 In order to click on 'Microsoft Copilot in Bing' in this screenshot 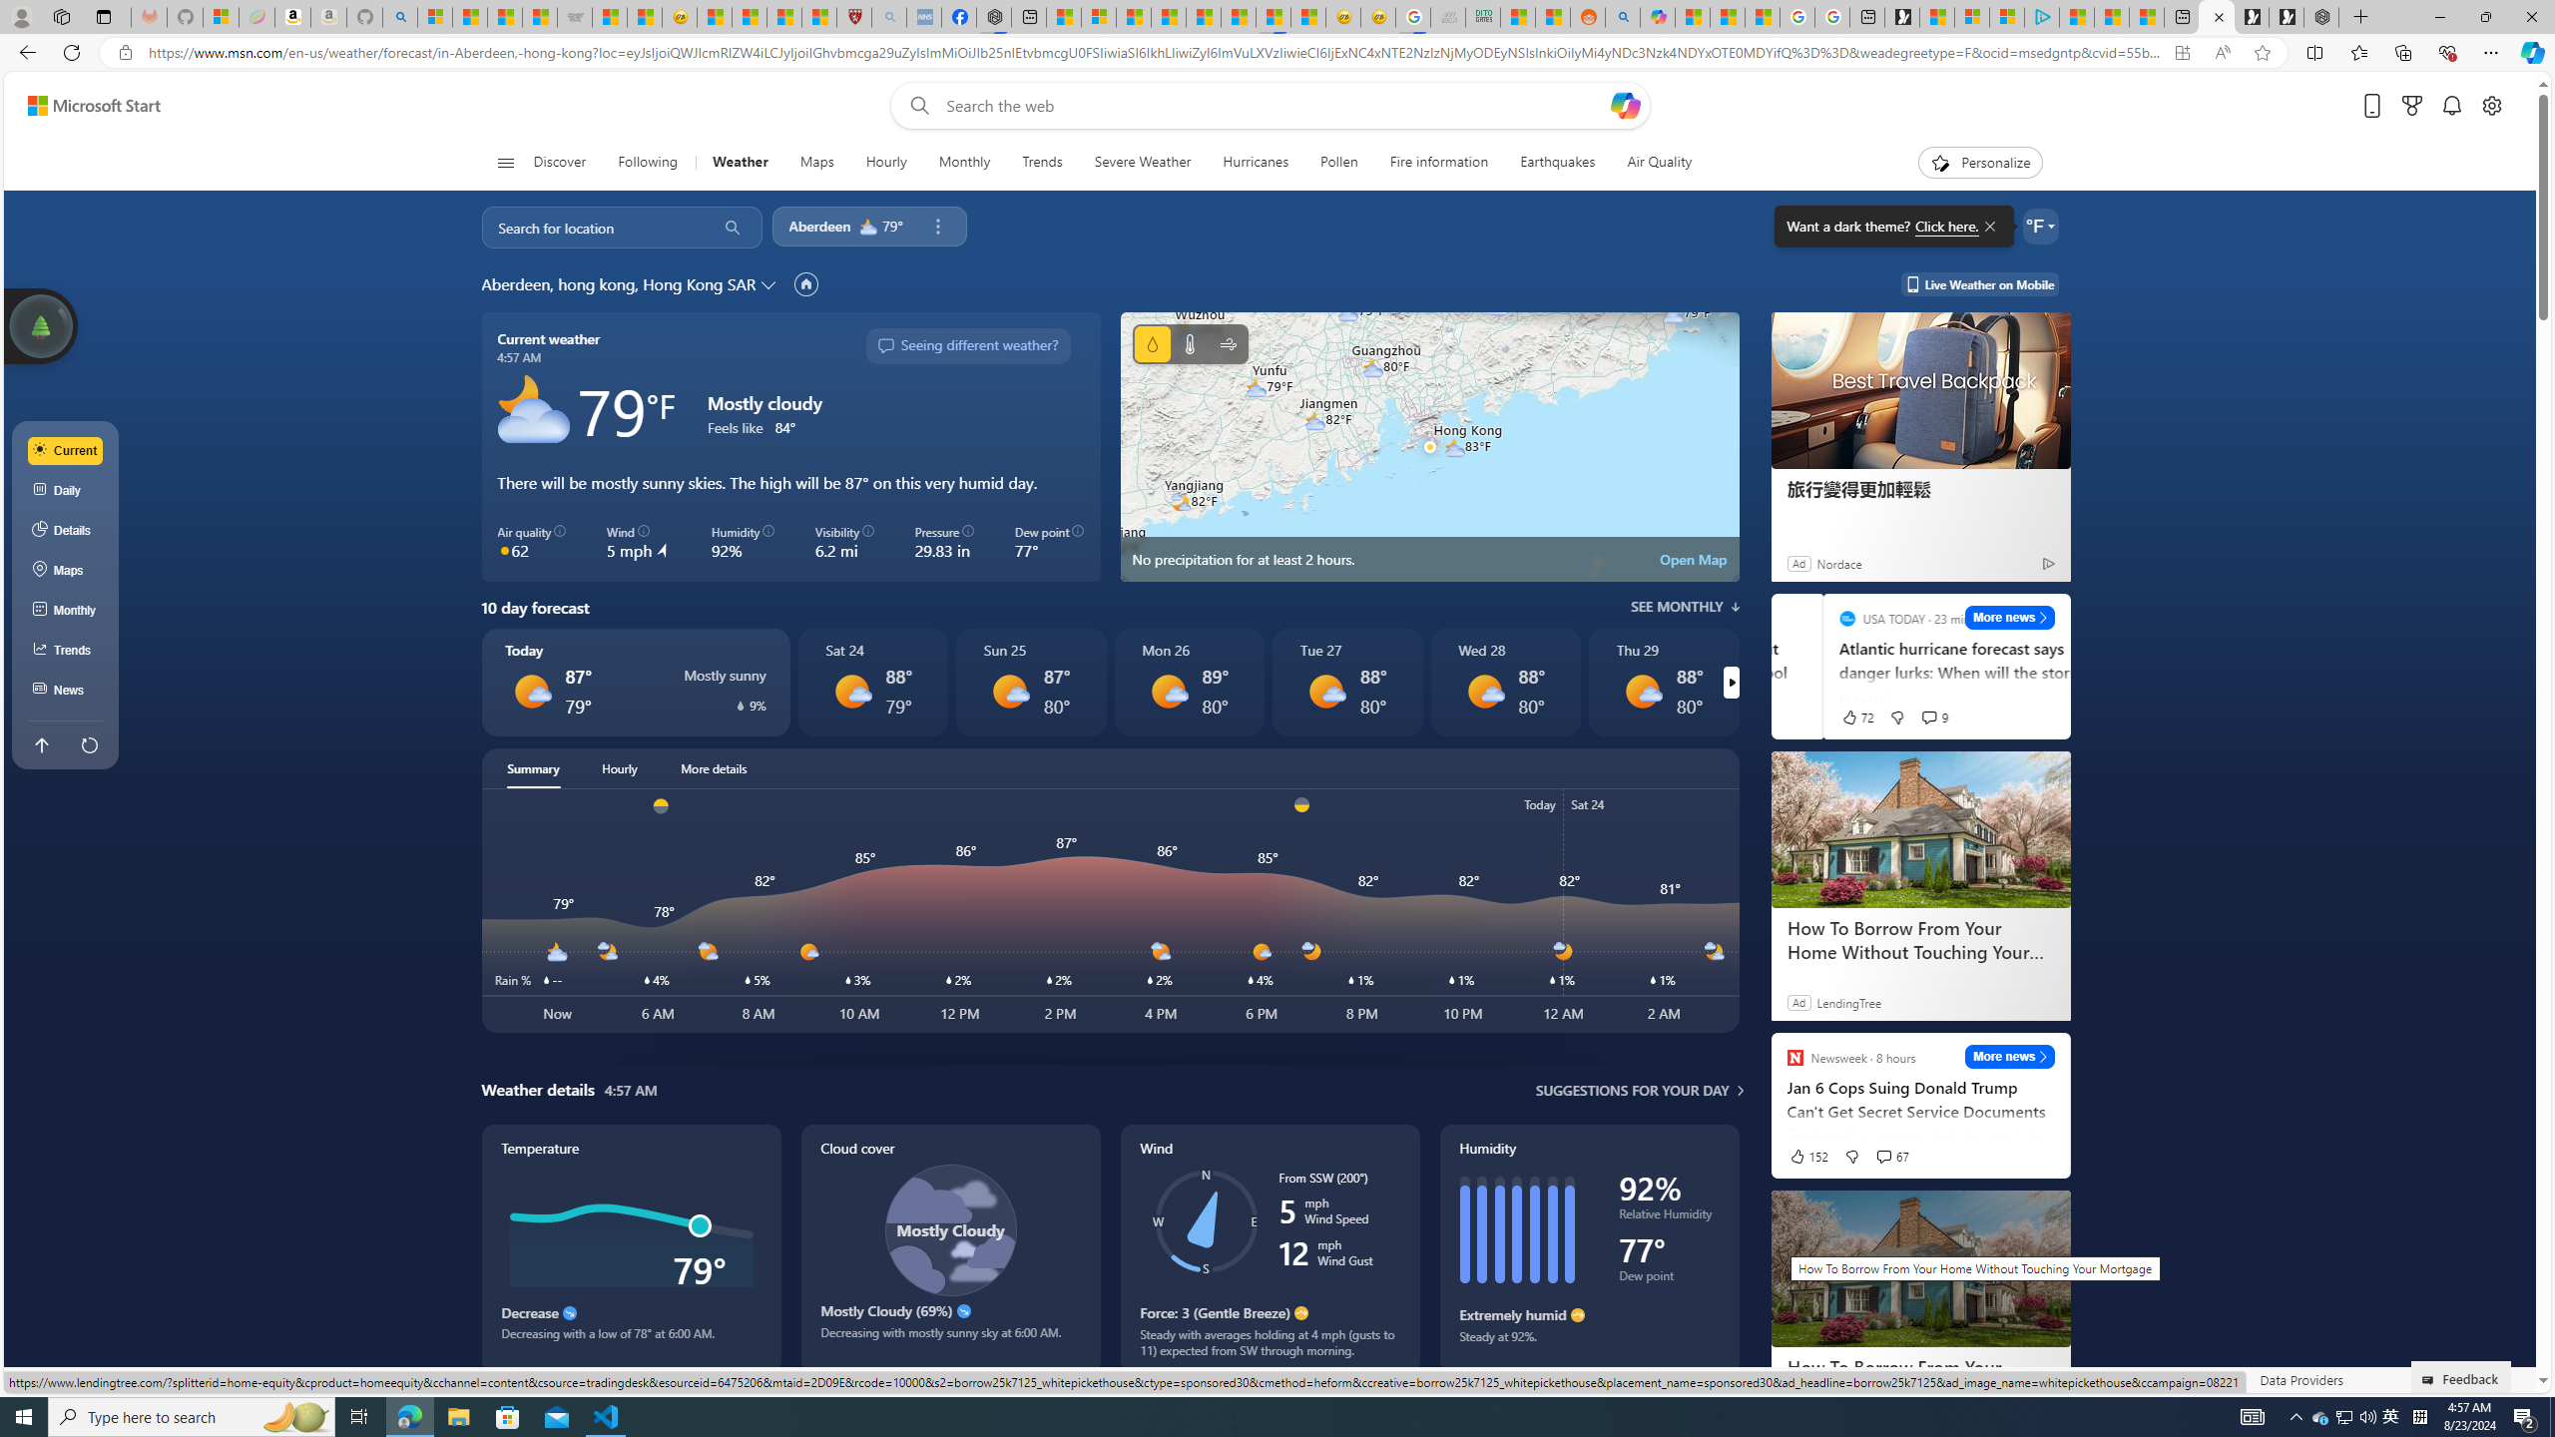, I will do `click(1657, 16)`.